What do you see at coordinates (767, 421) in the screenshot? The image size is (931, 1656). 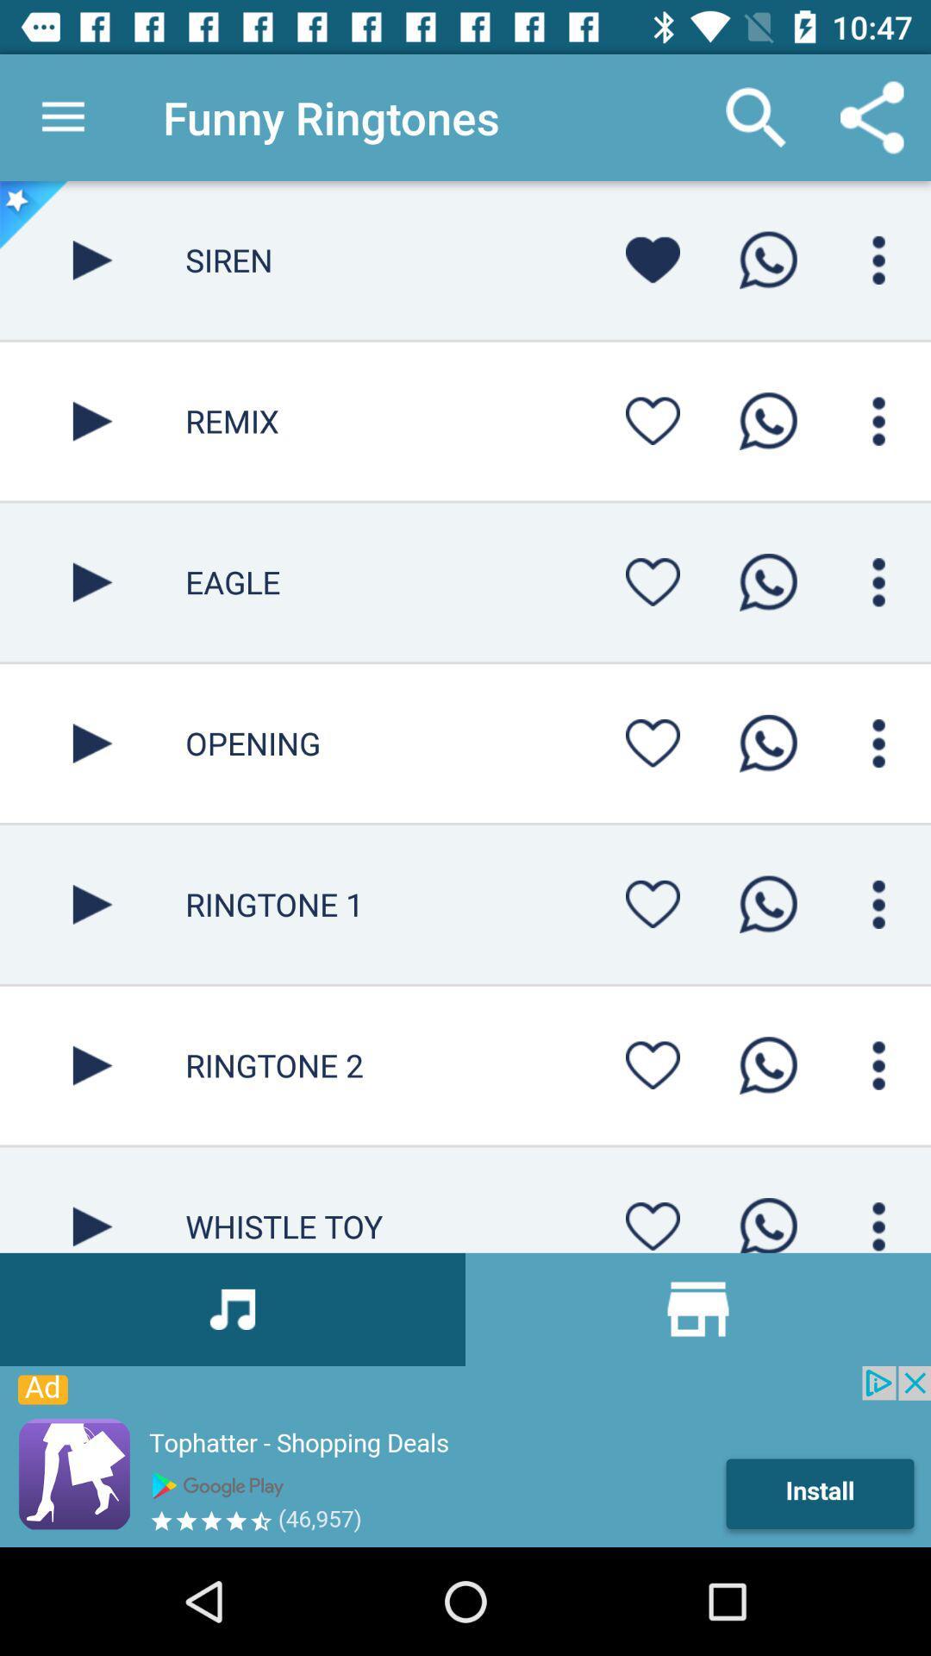 I see `whatsapp the ringtone` at bounding box center [767, 421].